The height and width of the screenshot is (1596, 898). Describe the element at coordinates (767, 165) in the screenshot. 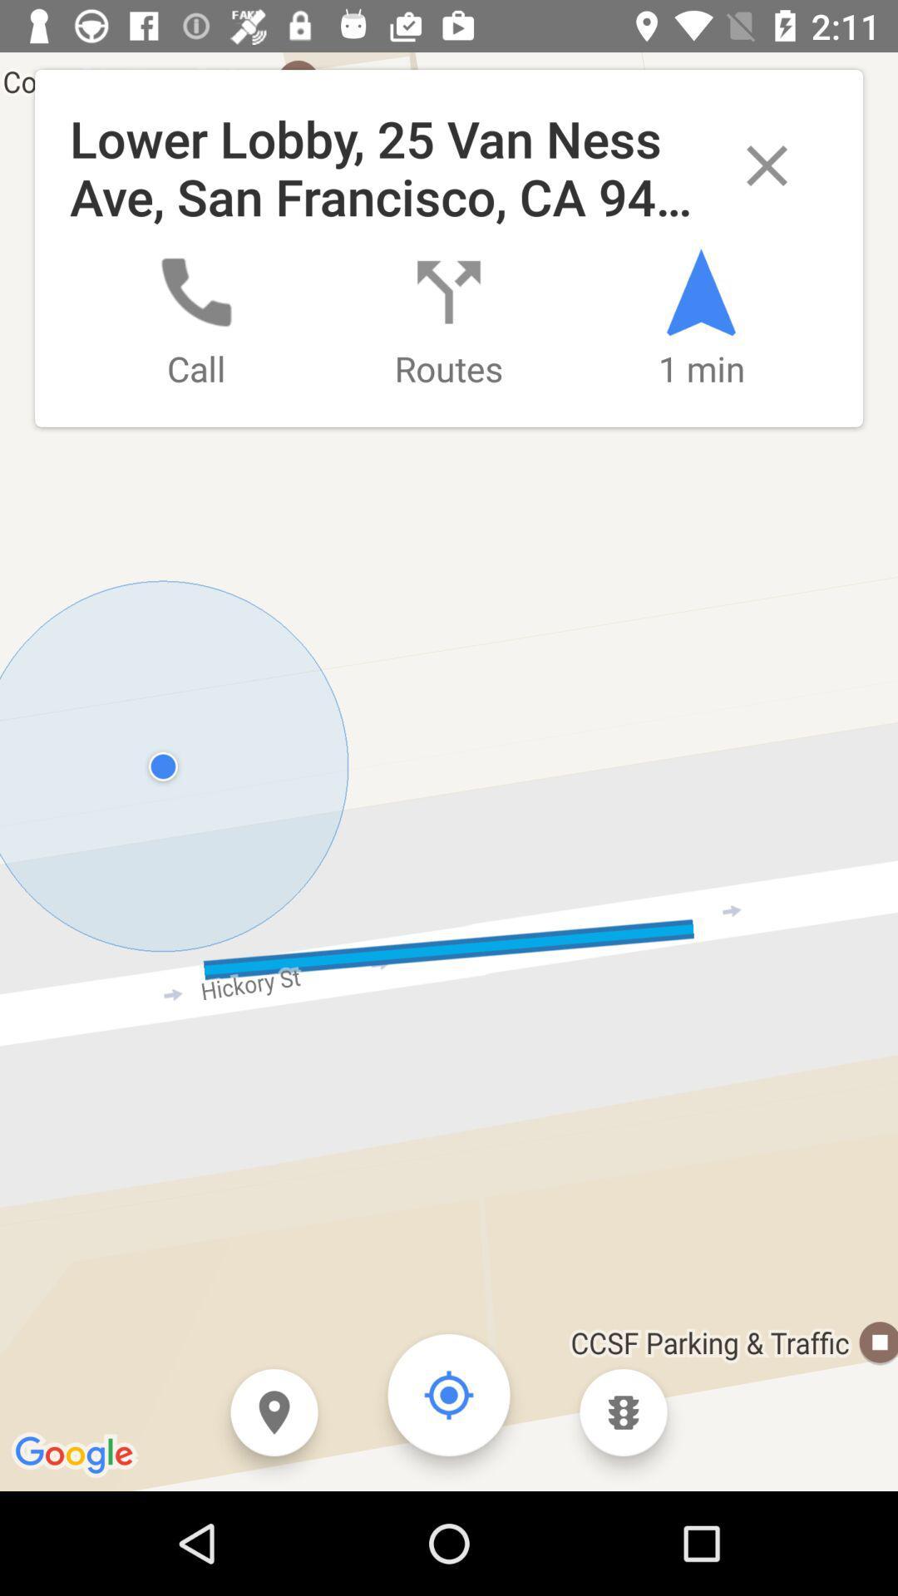

I see `box` at that location.